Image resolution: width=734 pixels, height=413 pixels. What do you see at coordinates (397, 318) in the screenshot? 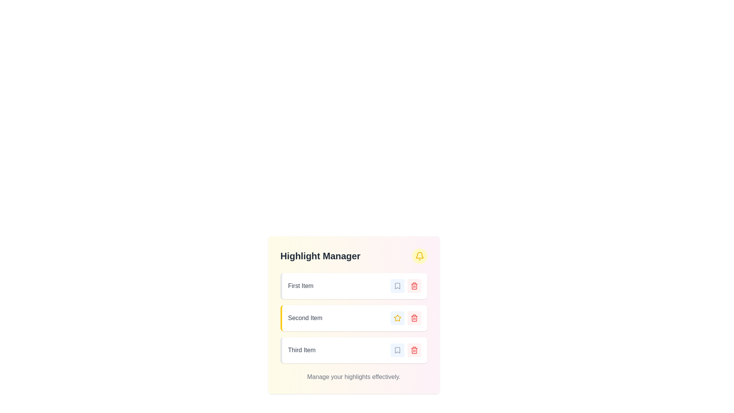
I see `the star-shaped icon in the 'Highlight Manager' section, located in the 'Second Item' row` at bounding box center [397, 318].